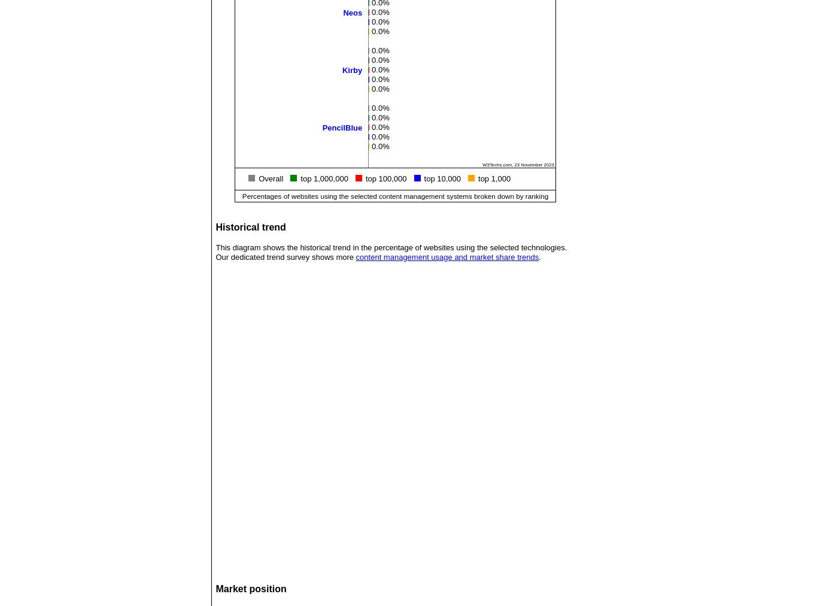  What do you see at coordinates (250, 226) in the screenshot?
I see `'Historical trend'` at bounding box center [250, 226].